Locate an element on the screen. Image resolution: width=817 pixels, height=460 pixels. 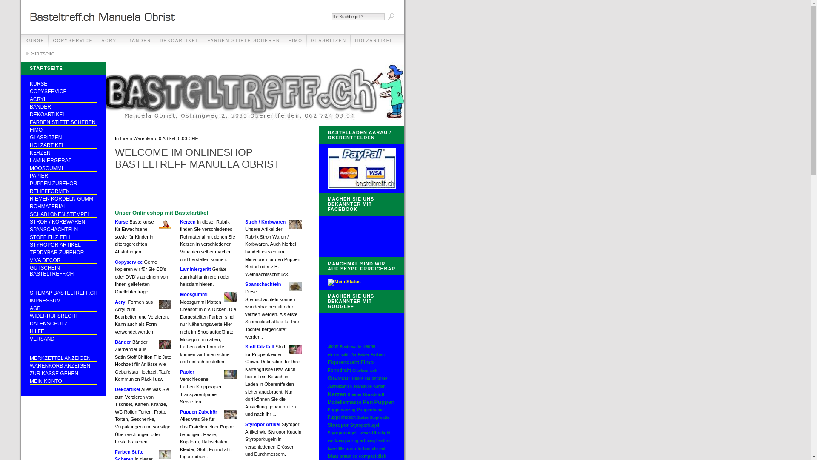
'GUTSCHEIN BASTELTREFF.CH' is located at coordinates (63, 271).